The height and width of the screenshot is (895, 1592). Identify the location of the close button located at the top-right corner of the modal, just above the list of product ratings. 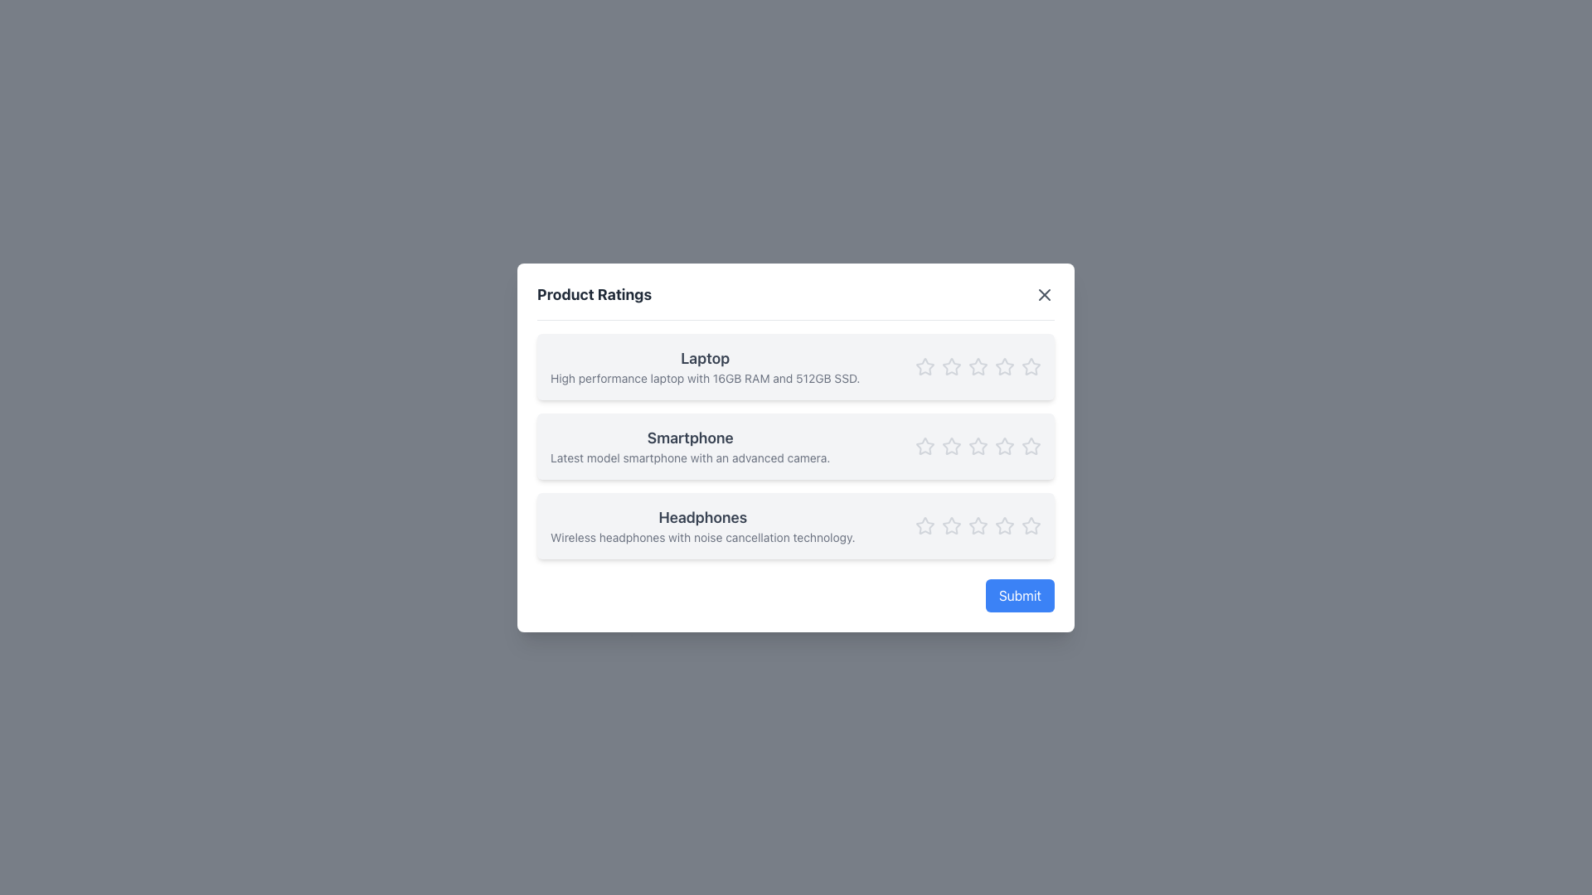
(1043, 293).